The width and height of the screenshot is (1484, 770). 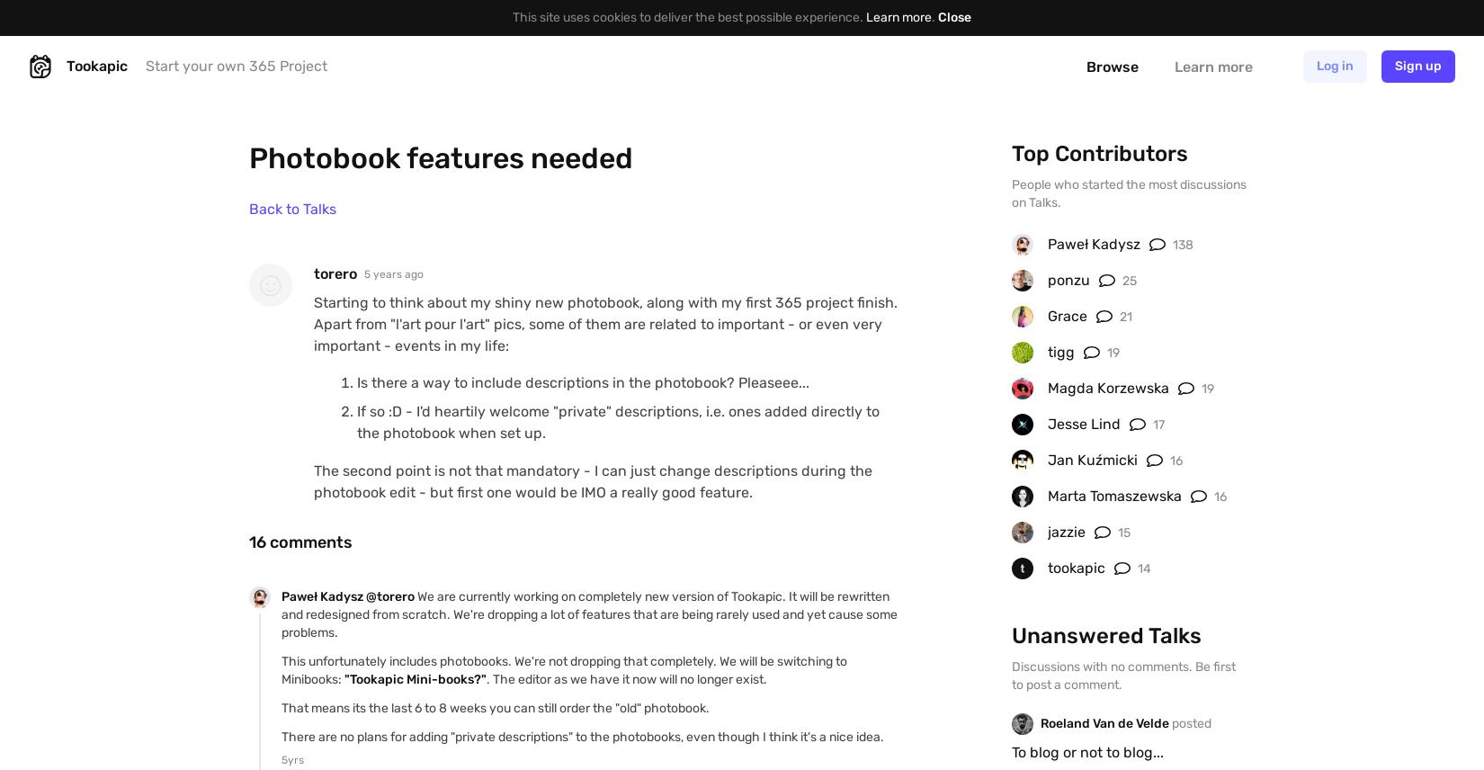 I want to click on 'Log in', so click(x=1334, y=66).